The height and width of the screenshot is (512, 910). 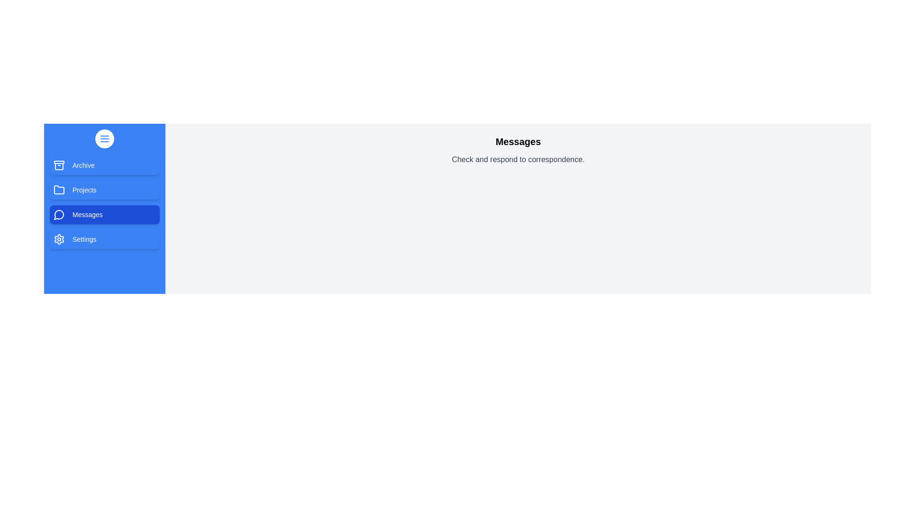 I want to click on the tab Messages to view its content, so click(x=104, y=214).